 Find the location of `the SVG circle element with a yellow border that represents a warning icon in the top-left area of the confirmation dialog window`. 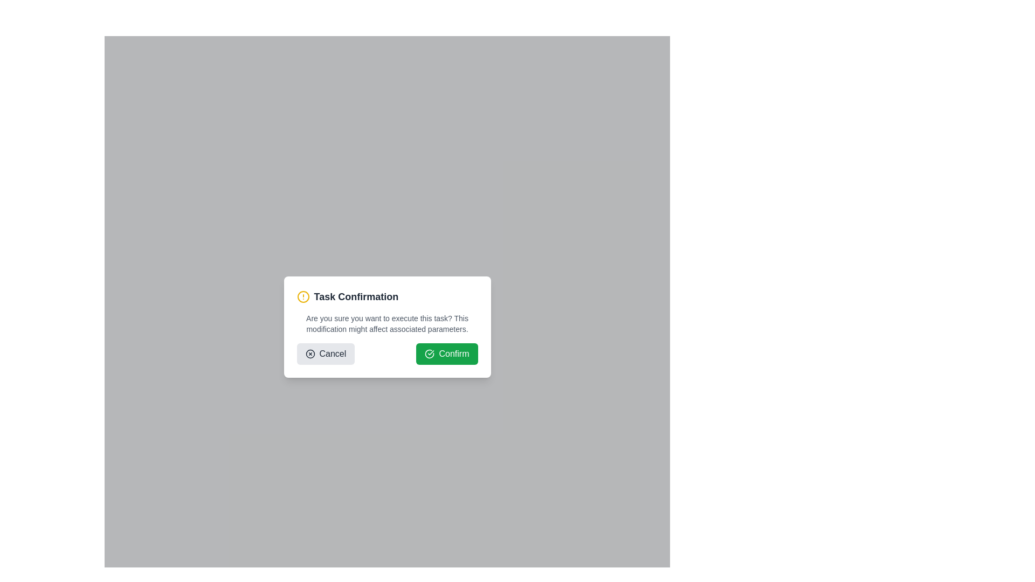

the SVG circle element with a yellow border that represents a warning icon in the top-left area of the confirmation dialog window is located at coordinates (302, 297).